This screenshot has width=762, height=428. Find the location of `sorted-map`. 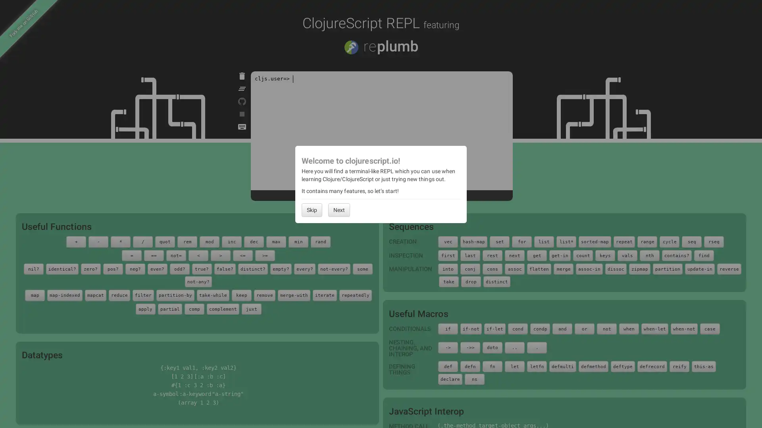

sorted-map is located at coordinates (595, 241).